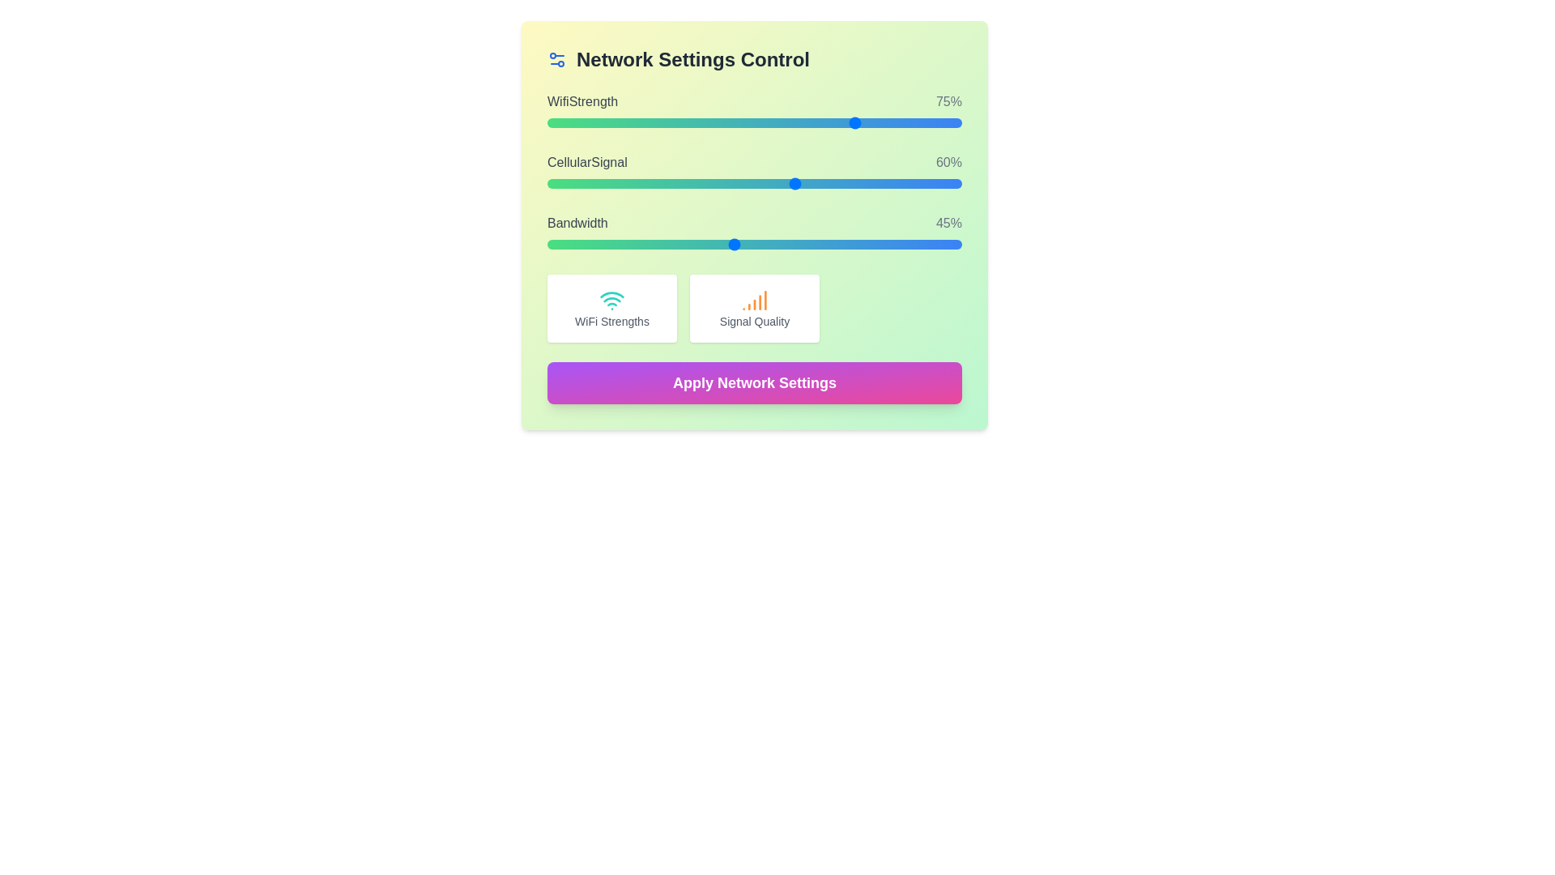  I want to click on the Cellular Signal slider, so click(600, 183).